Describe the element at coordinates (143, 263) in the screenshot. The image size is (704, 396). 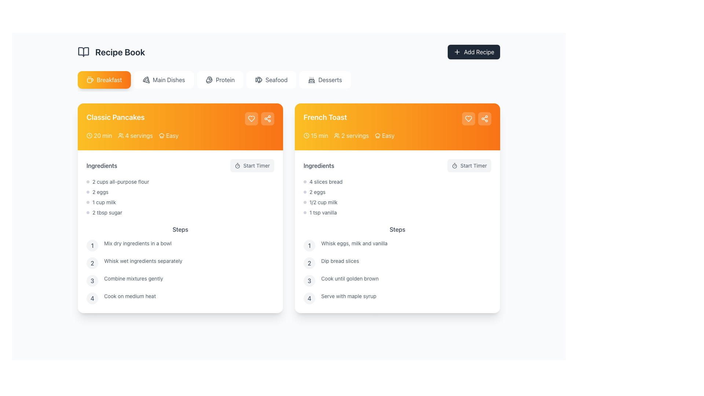
I see `text instruction card detailing the second step in the recipe preparation process for 'Classic Pancakes', which is located in the 'Steps' section and follows the instruction to 'Mix dry ingredients in a bowl'` at that location.